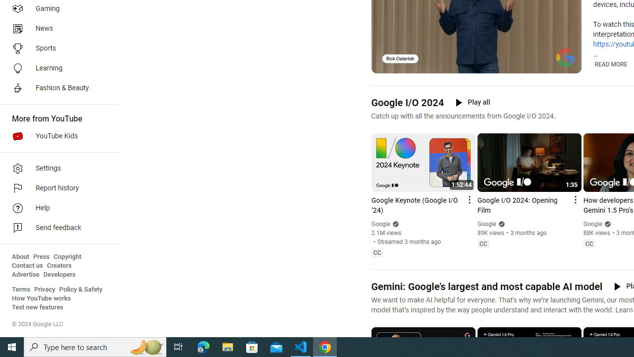  Describe the element at coordinates (55, 188) in the screenshot. I see `'Report history'` at that location.